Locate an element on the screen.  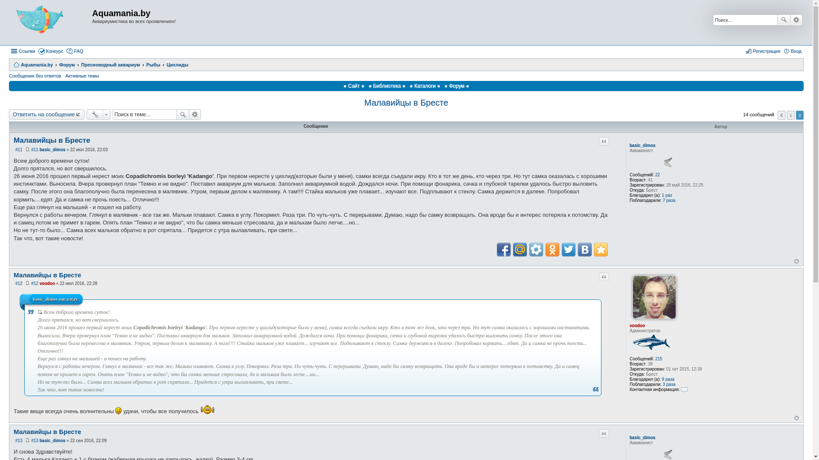
'voodoo' is located at coordinates (46, 283).